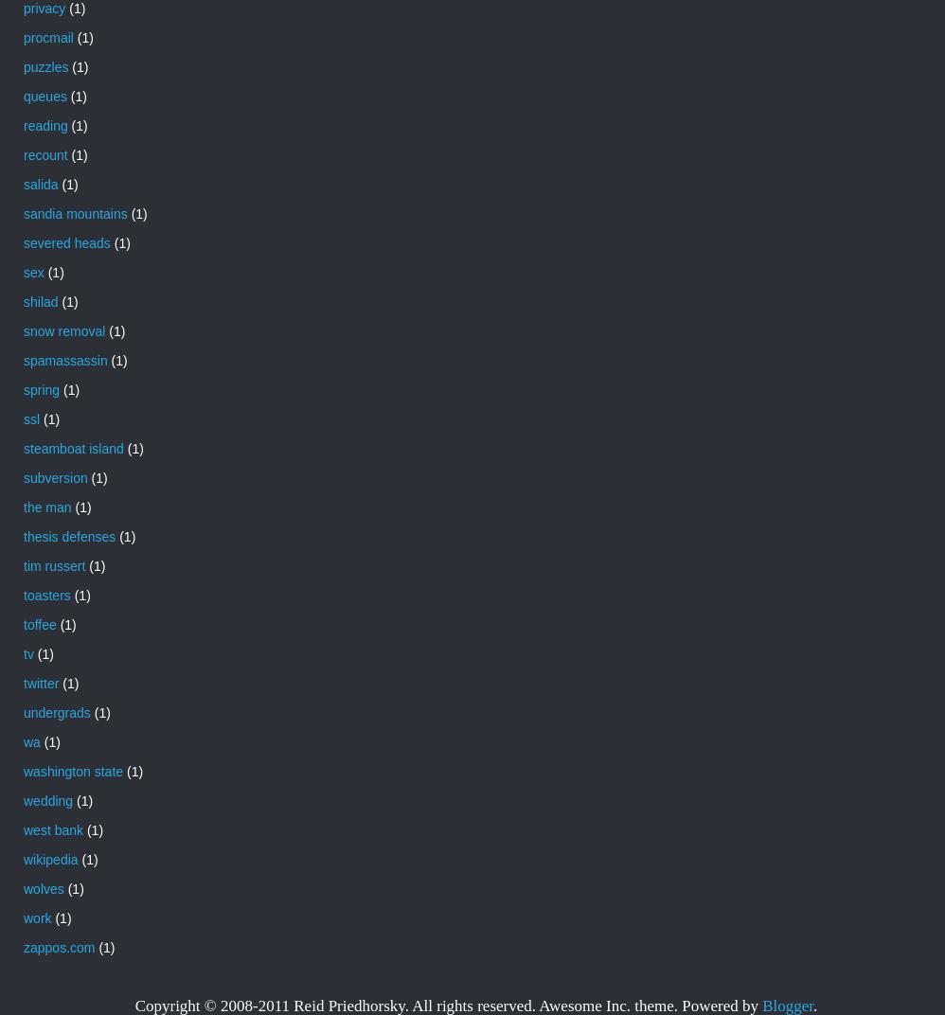  I want to click on 'wa', so click(31, 740).